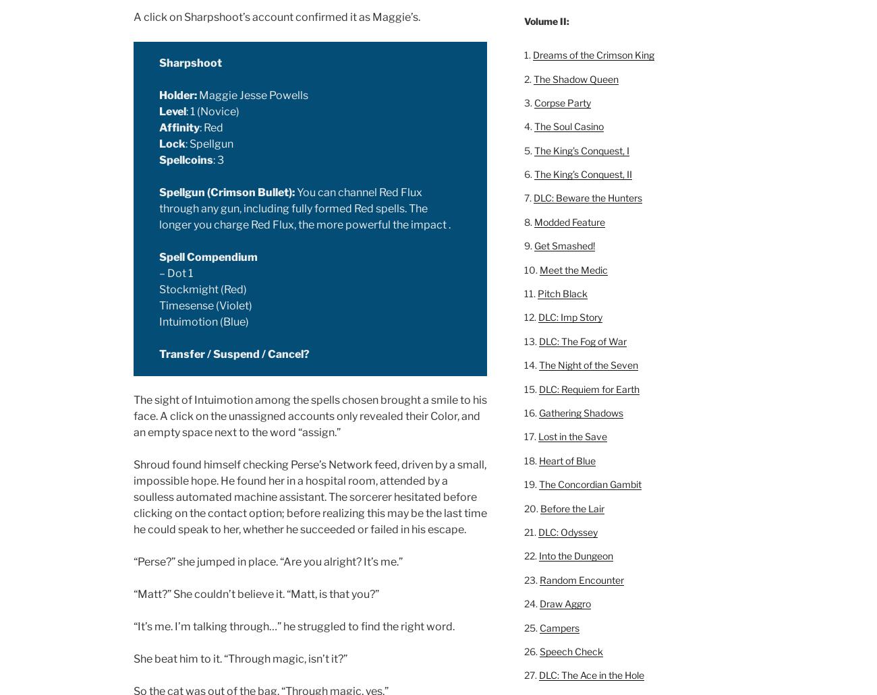 The image size is (877, 695). What do you see at coordinates (226, 192) in the screenshot?
I see `'Spellgun (Crimson Bullet):'` at bounding box center [226, 192].